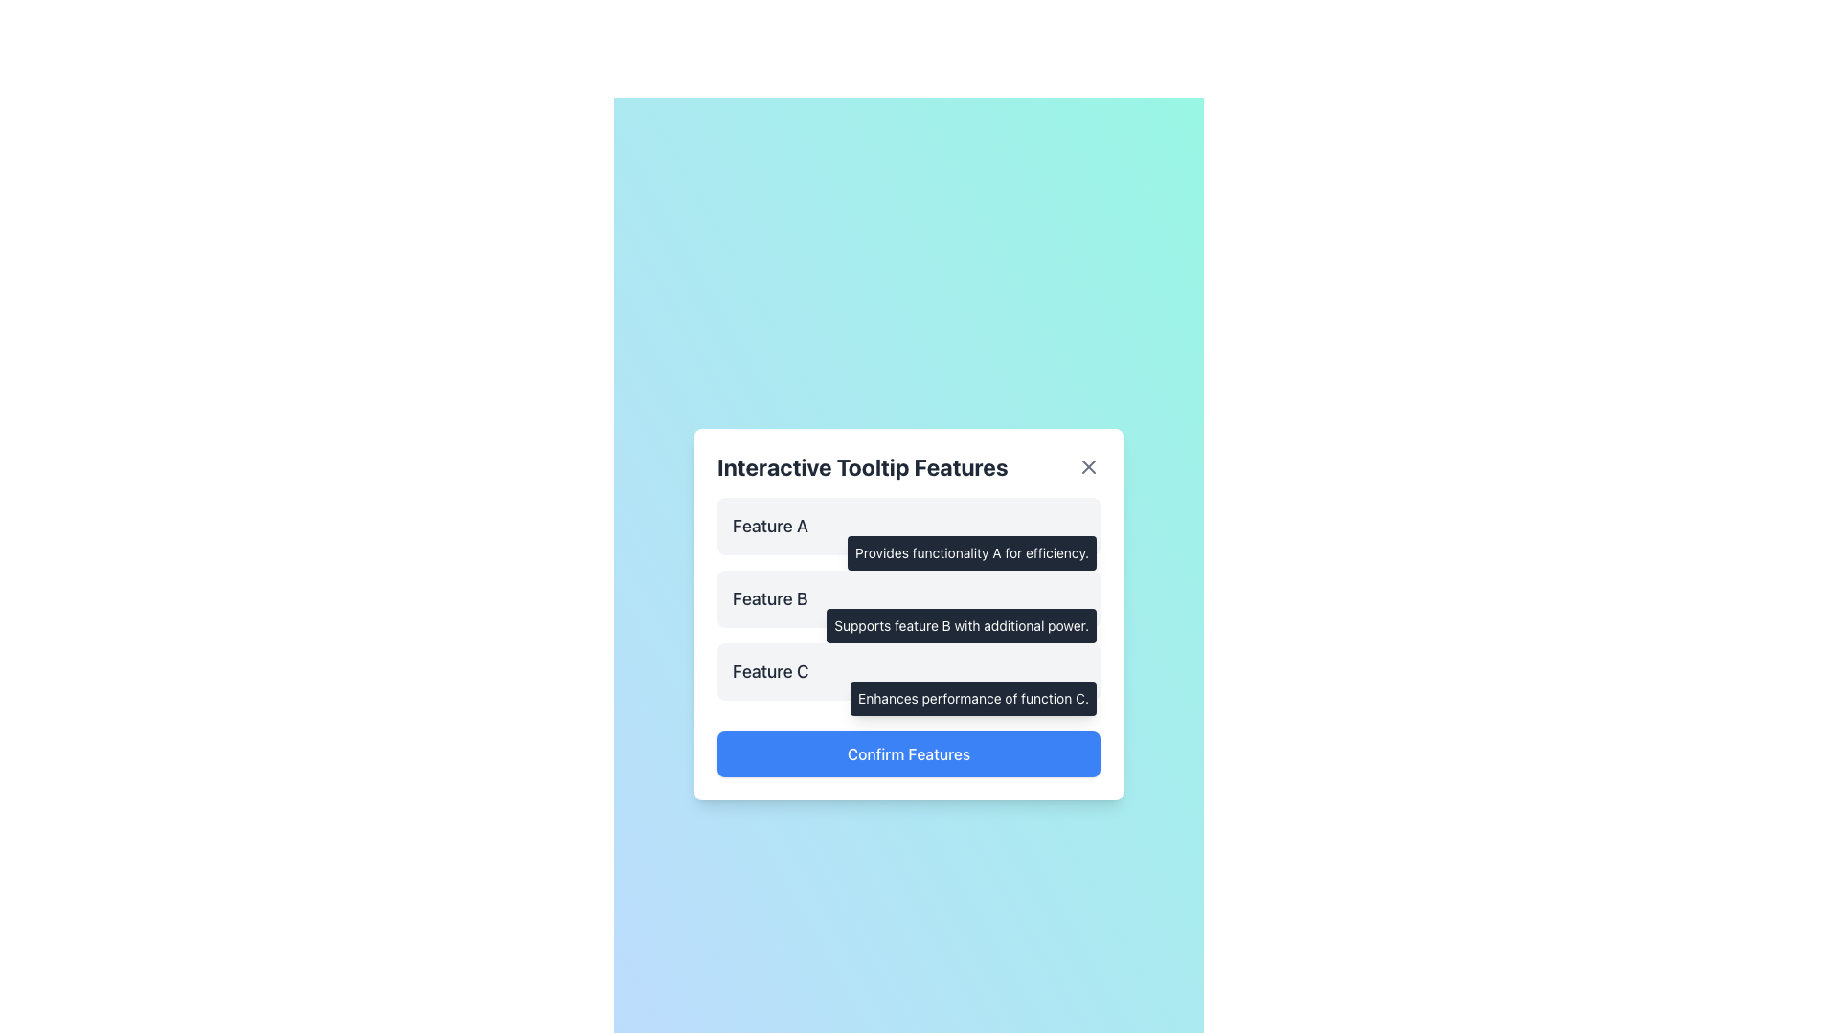  Describe the element at coordinates (770, 527) in the screenshot. I see `the label reading 'Feature A' which is styled with a larger, bold font and located at the top of a list in a modal window` at that location.